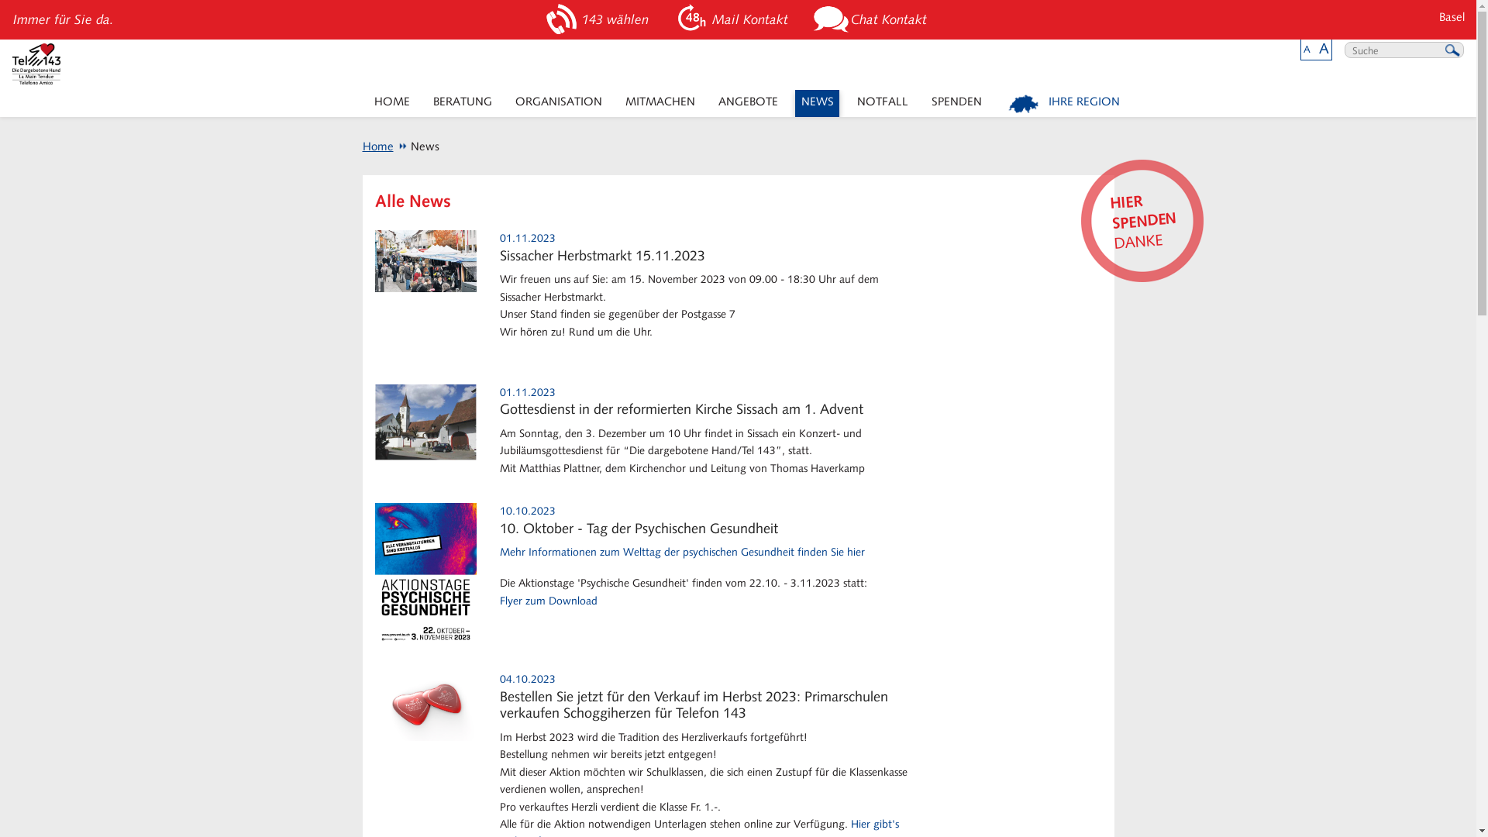 Image resolution: width=1488 pixels, height=837 pixels. Describe the element at coordinates (816, 103) in the screenshot. I see `'NEWS'` at that location.